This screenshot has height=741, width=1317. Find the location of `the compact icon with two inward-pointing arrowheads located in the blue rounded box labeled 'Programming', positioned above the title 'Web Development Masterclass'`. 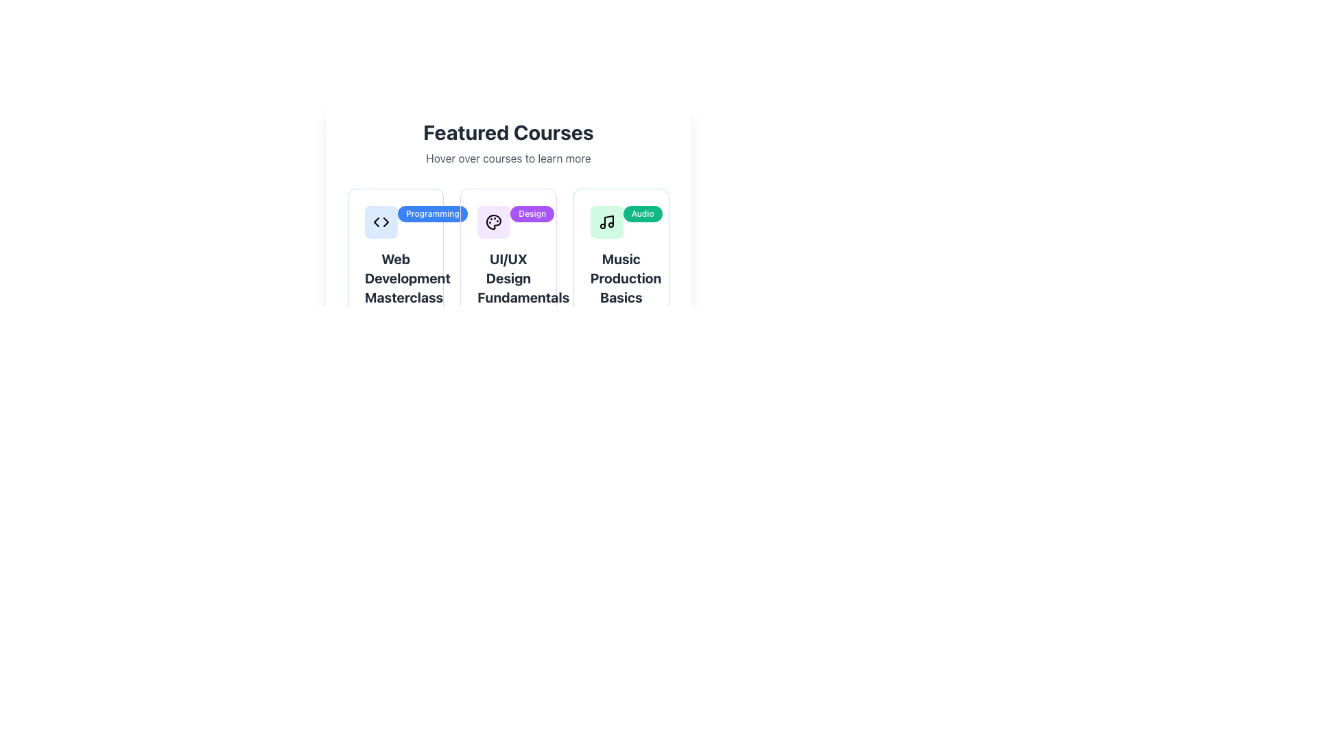

the compact icon with two inward-pointing arrowheads located in the blue rounded box labeled 'Programming', positioned above the title 'Web Development Masterclass' is located at coordinates (381, 222).